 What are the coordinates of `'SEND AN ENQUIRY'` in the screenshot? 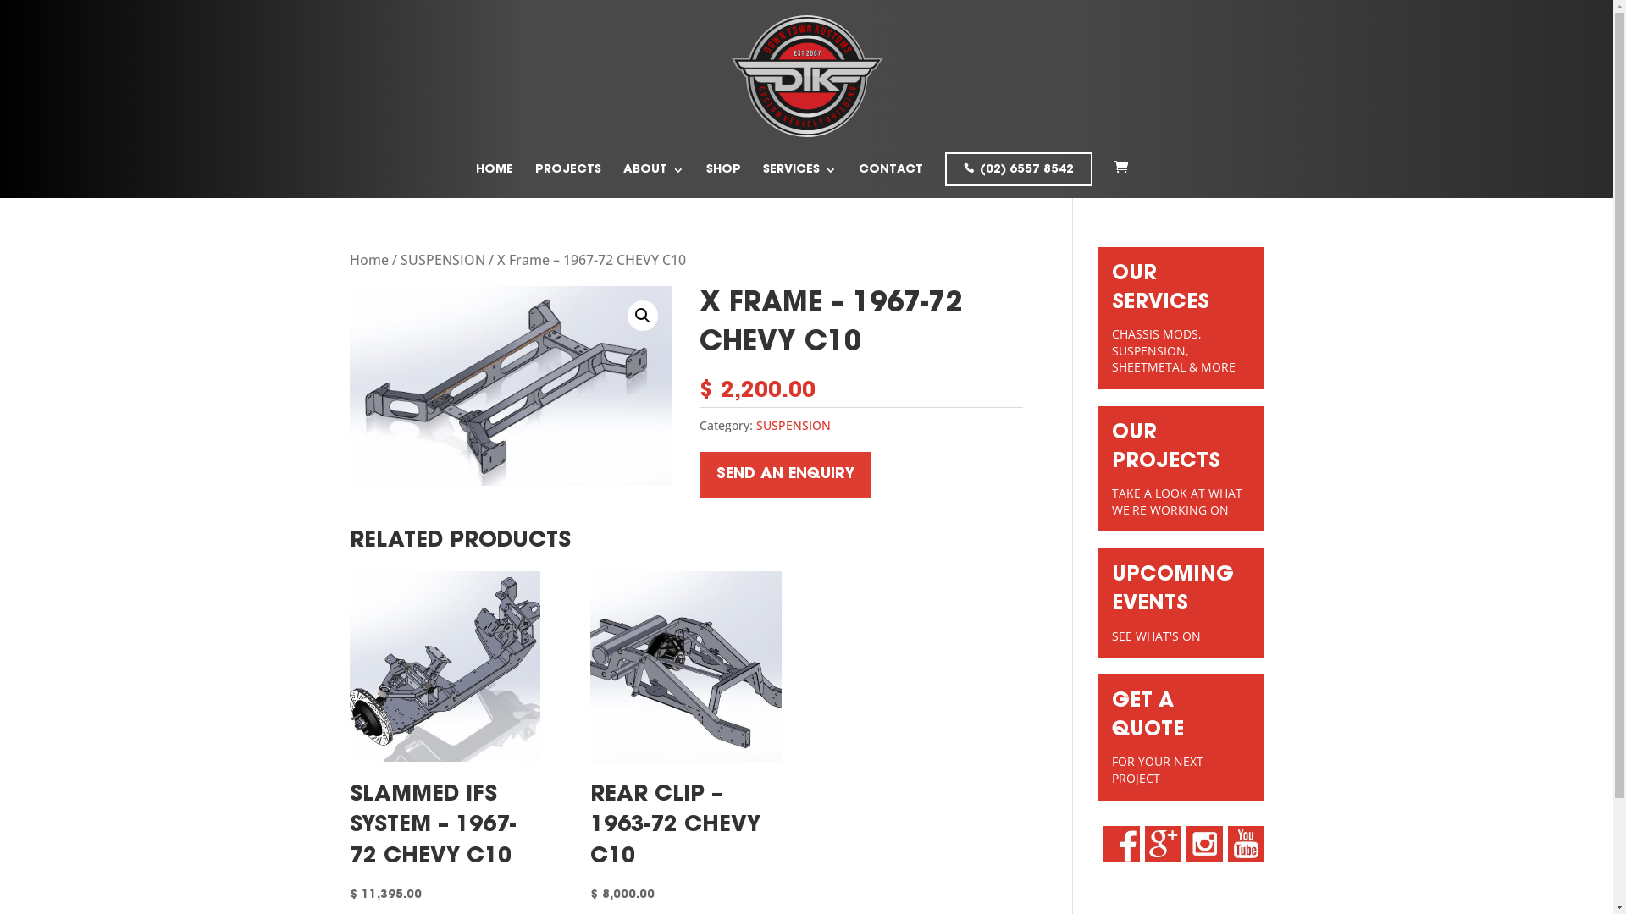 It's located at (784, 475).